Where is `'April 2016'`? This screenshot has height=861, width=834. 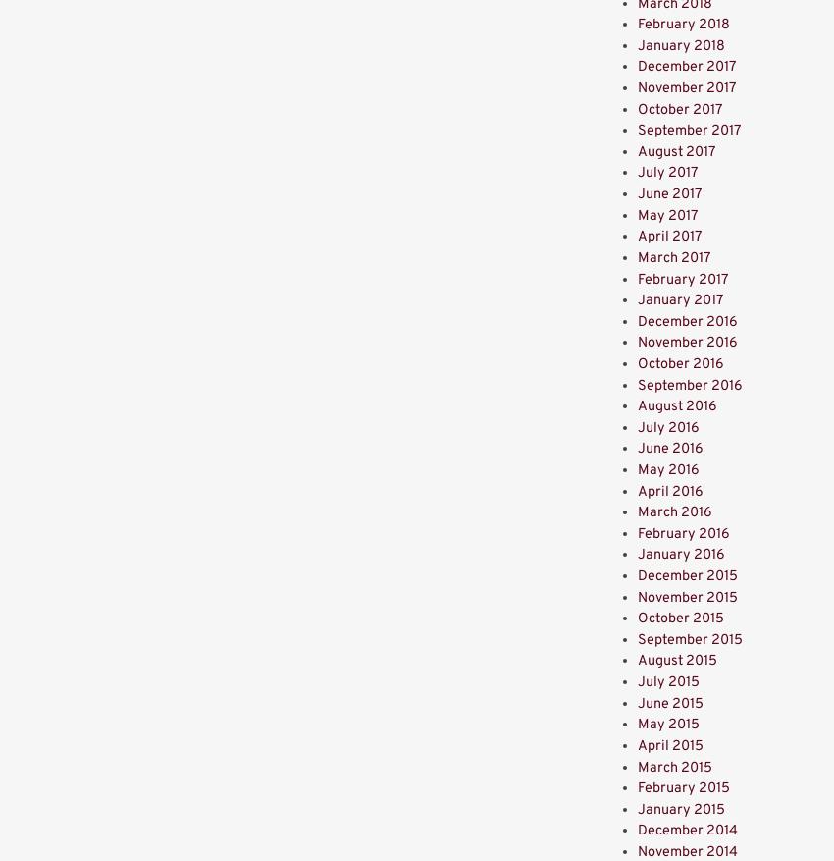 'April 2016' is located at coordinates (669, 490).